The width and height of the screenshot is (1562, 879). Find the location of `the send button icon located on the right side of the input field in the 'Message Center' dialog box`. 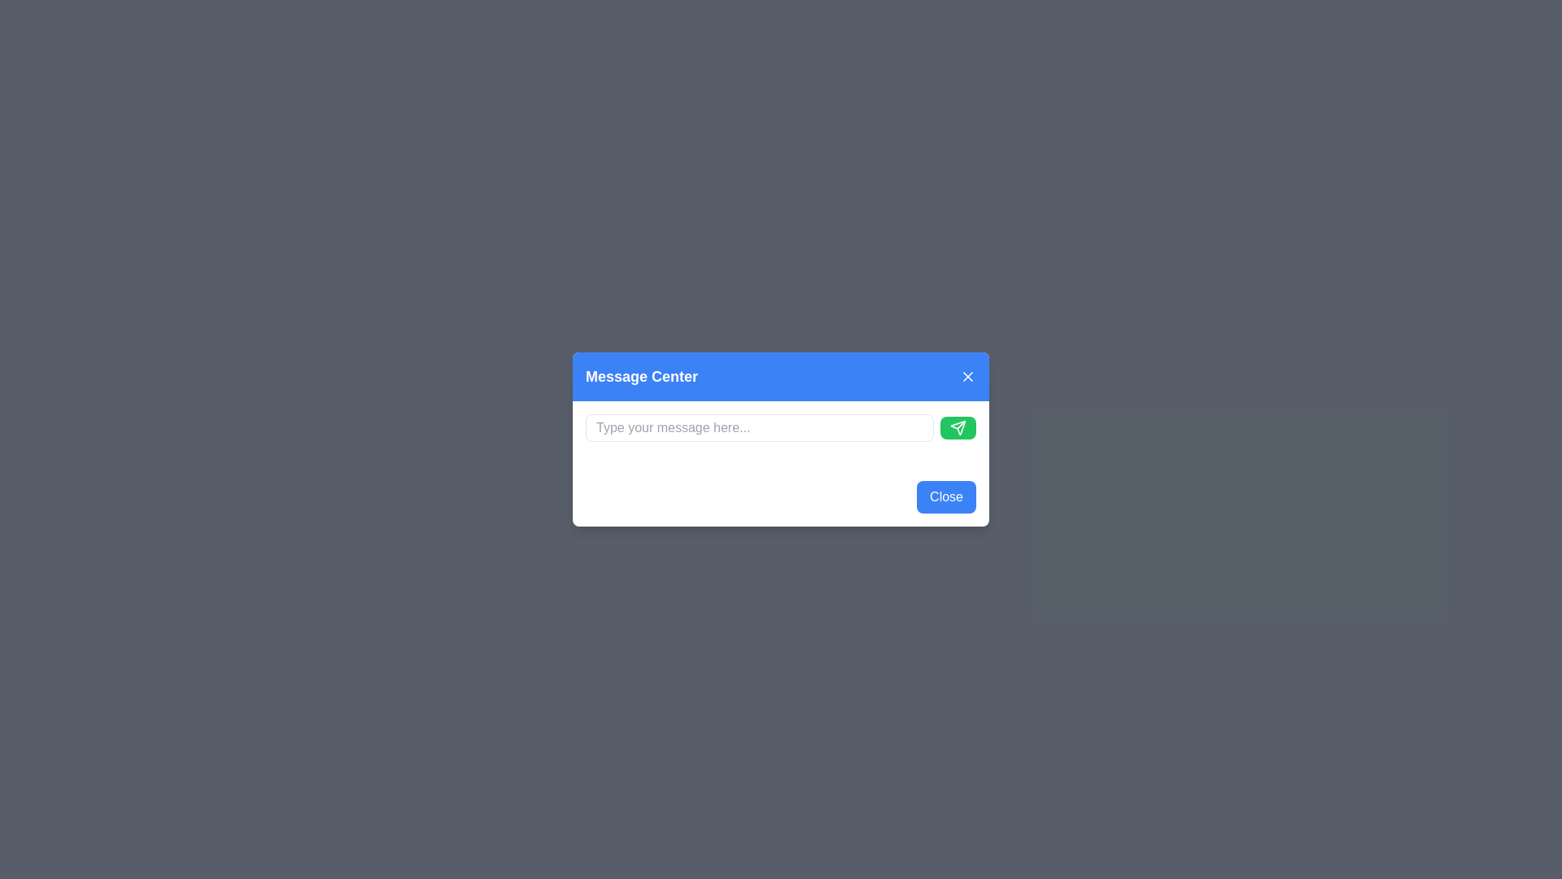

the send button icon located on the right side of the input field in the 'Message Center' dialog box is located at coordinates (958, 426).